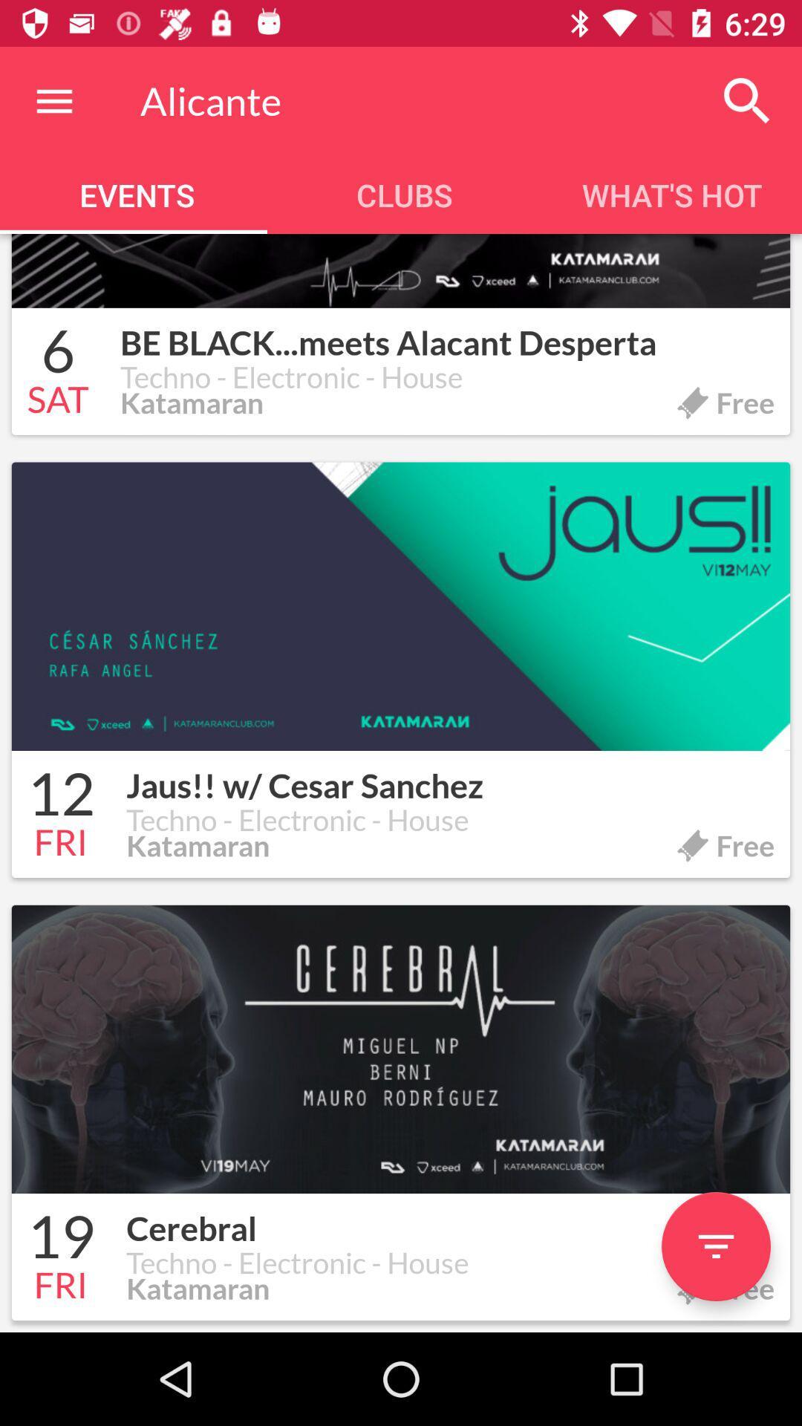  I want to click on 12, so click(60, 795).